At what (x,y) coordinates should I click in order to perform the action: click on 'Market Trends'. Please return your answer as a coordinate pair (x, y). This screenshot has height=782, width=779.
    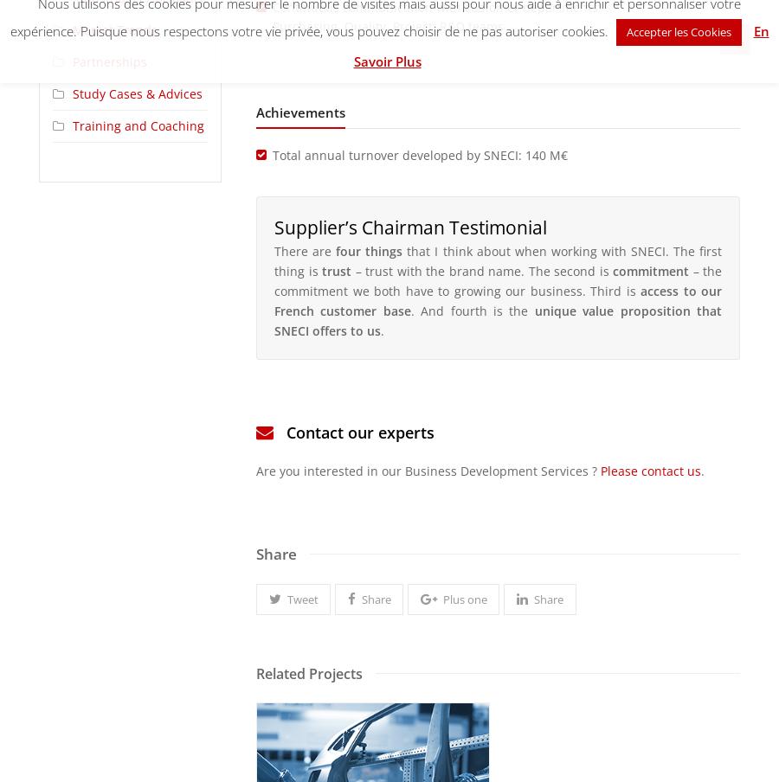
    Looking at the image, I should click on (115, 29).